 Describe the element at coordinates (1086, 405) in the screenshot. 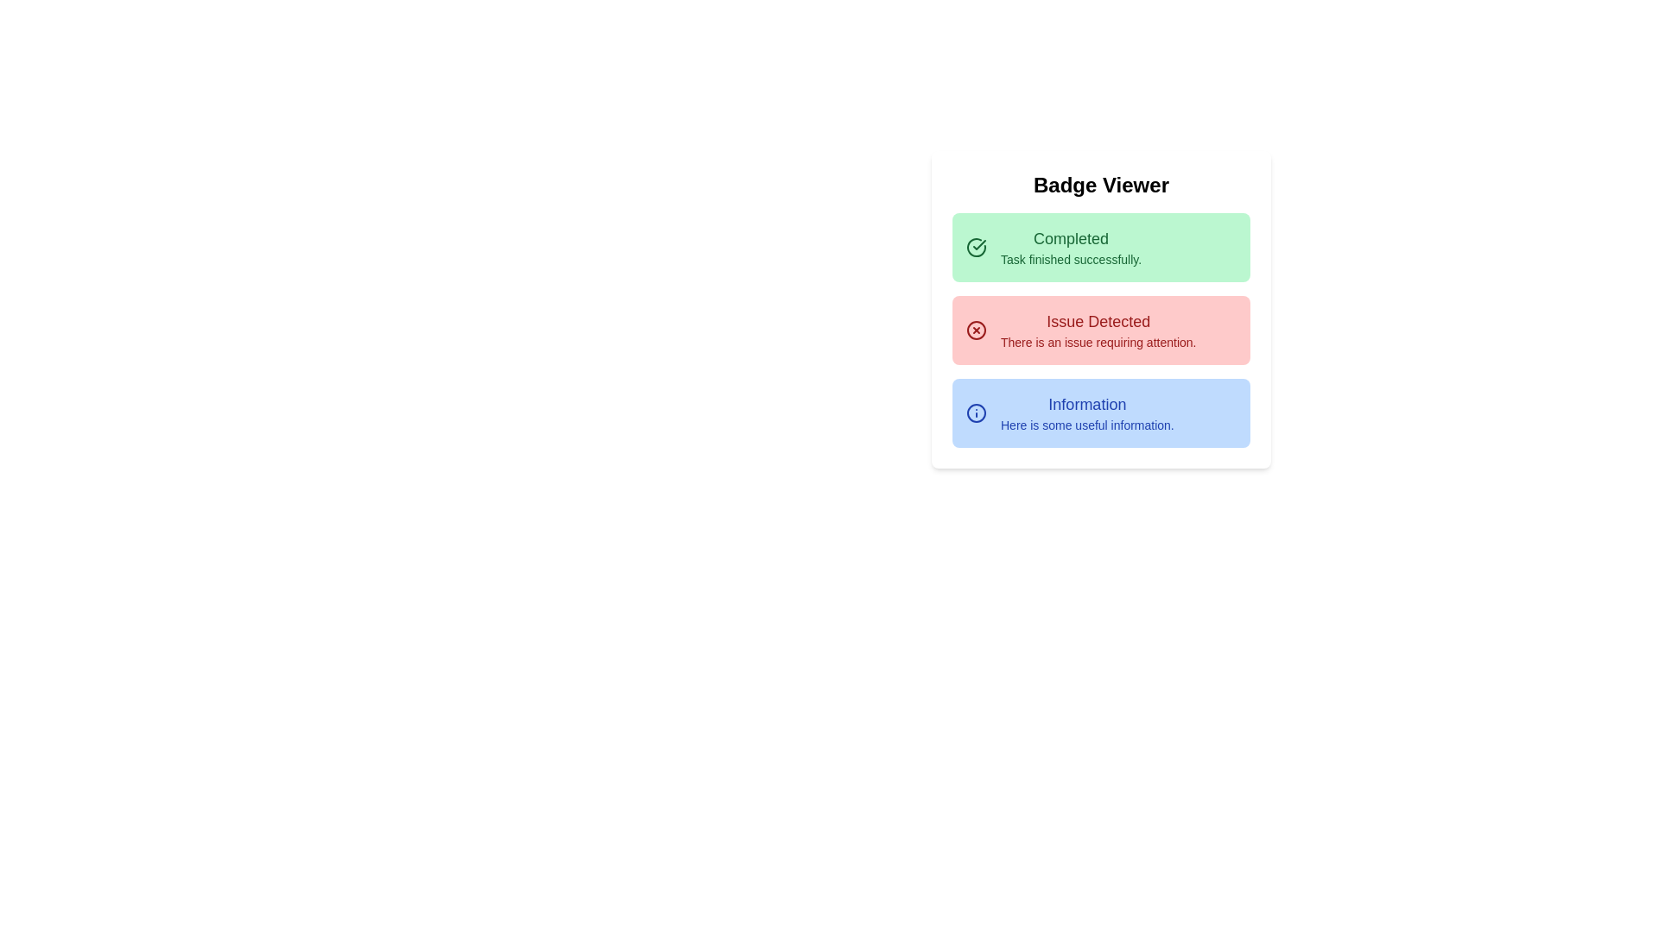

I see `the text label that serves as a heading for the blue section below it, indicating the type of information presented` at that location.